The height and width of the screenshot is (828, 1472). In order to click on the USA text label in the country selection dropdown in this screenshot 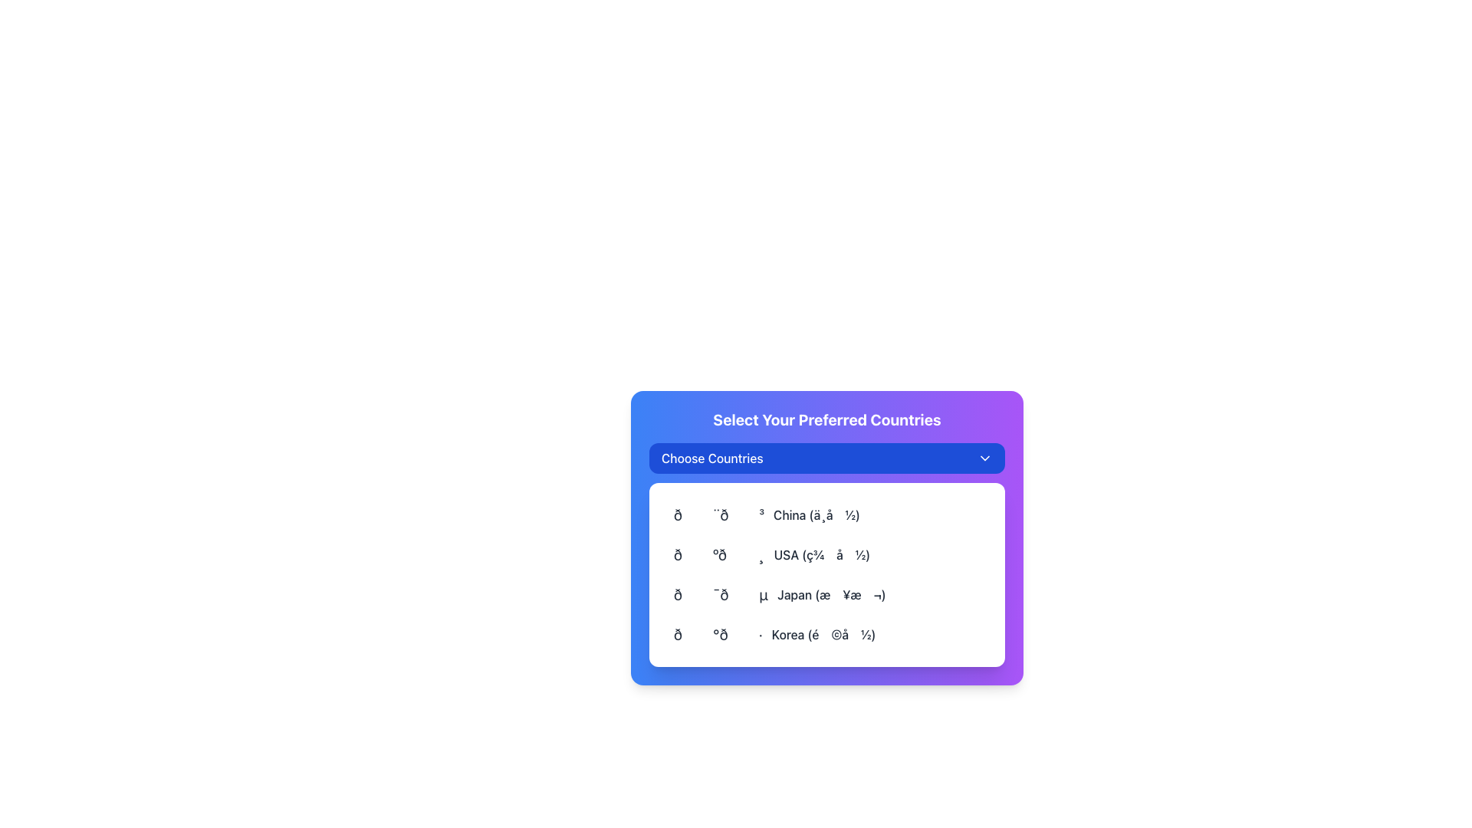, I will do `click(821, 555)`.